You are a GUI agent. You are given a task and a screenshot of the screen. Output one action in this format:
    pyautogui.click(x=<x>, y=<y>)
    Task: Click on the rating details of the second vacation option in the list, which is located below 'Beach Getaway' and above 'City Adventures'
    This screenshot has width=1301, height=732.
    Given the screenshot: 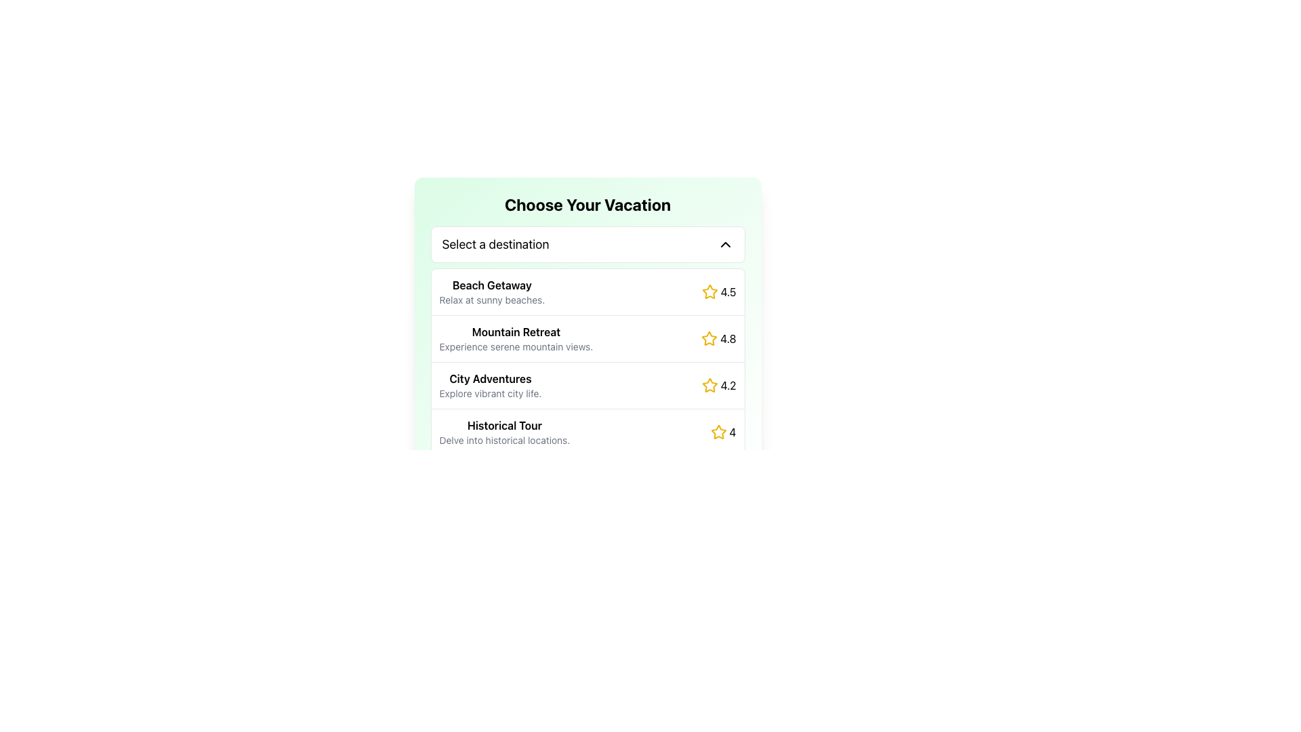 What is the action you would take?
    pyautogui.click(x=587, y=338)
    